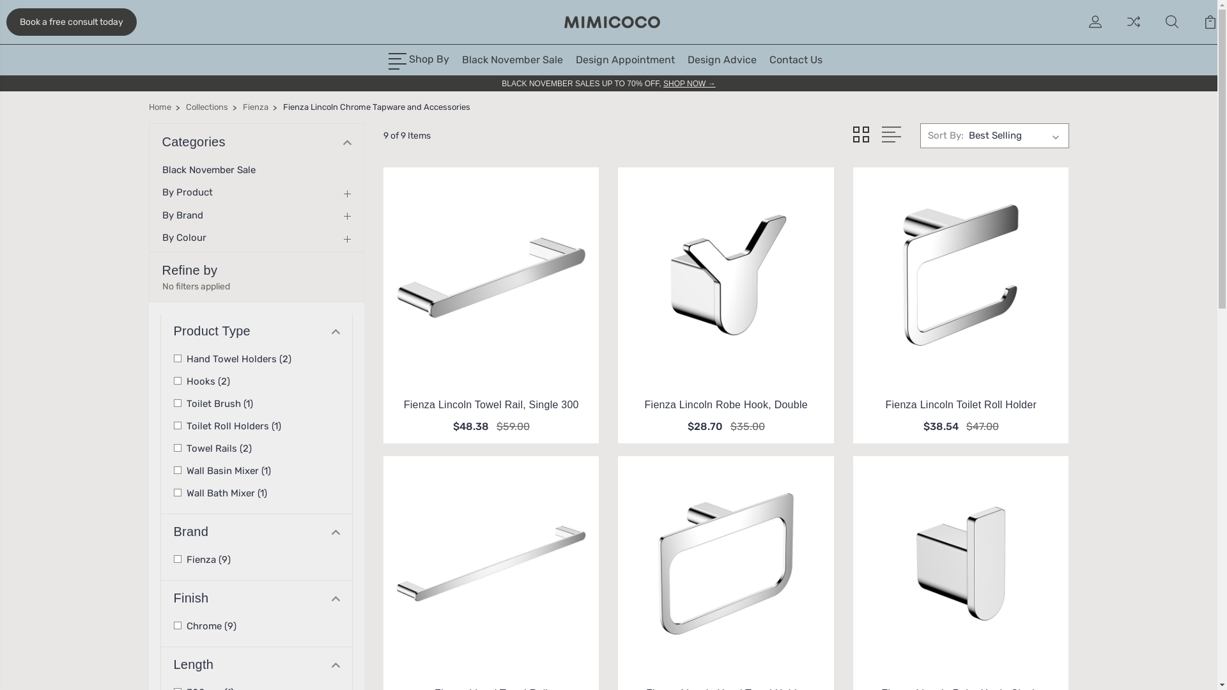 This screenshot has width=1227, height=690. I want to click on 'Collections', so click(184, 106).